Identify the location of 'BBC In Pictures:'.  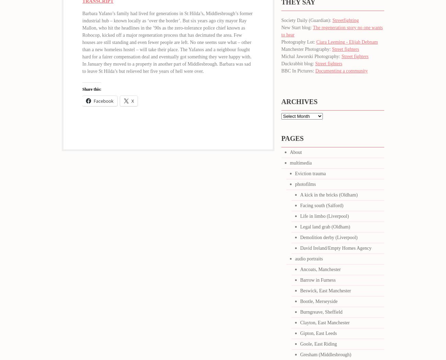
(298, 70).